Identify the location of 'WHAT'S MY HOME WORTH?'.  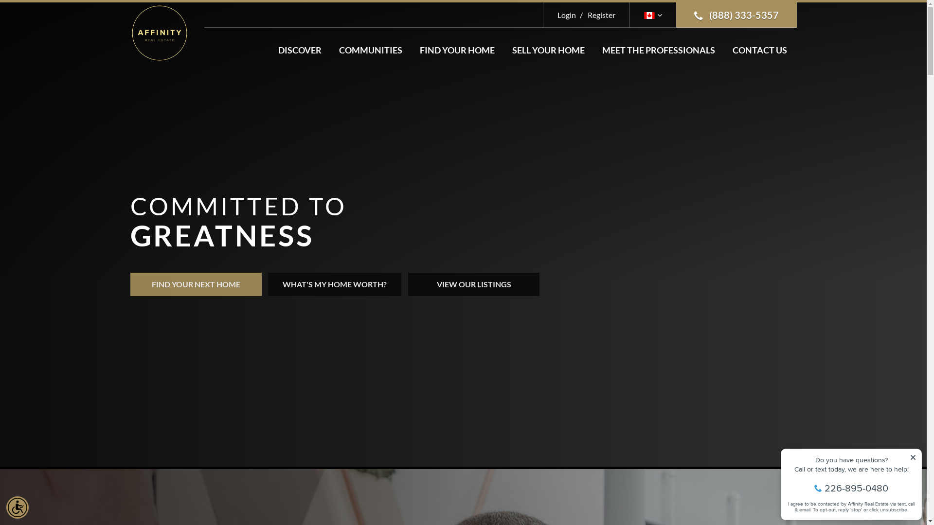
(268, 284).